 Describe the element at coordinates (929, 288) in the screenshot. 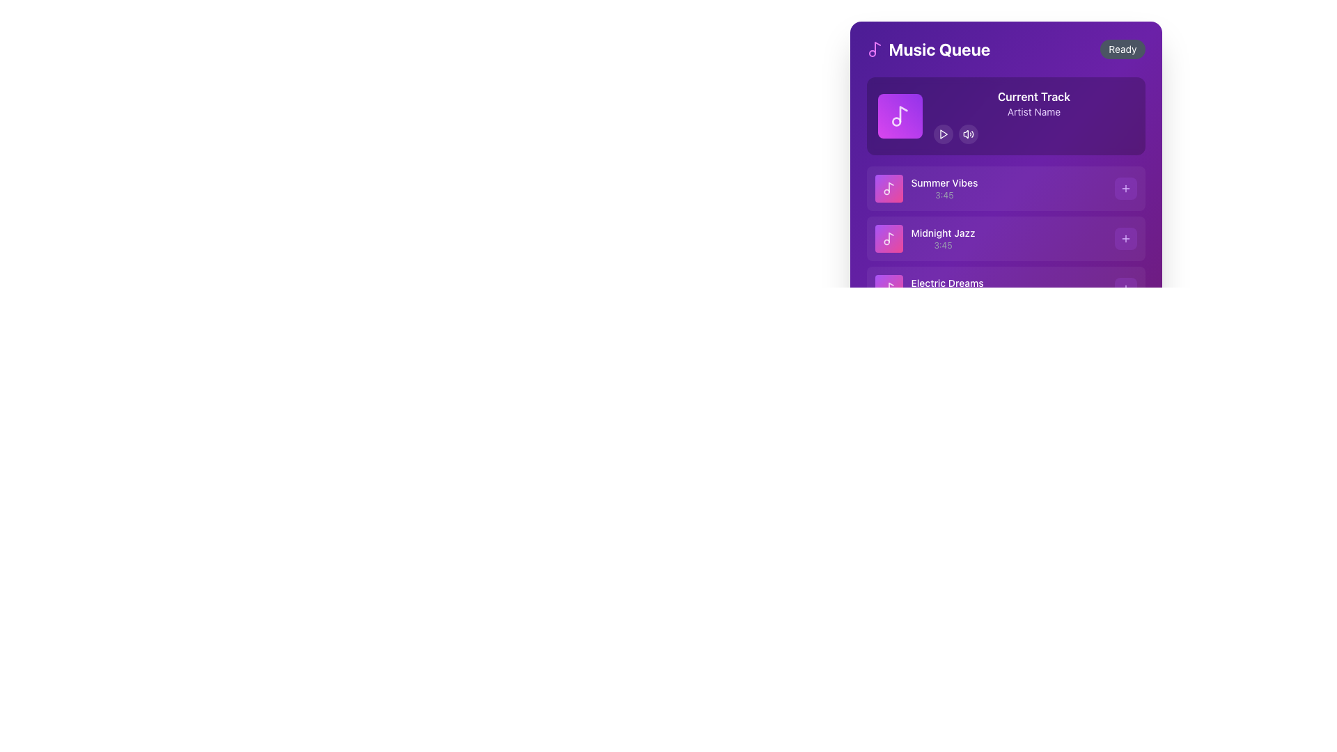

I see `to select the song 'Electric Dreams' from the last item in the vertical list of songs under the 'Music Queue' section` at that location.